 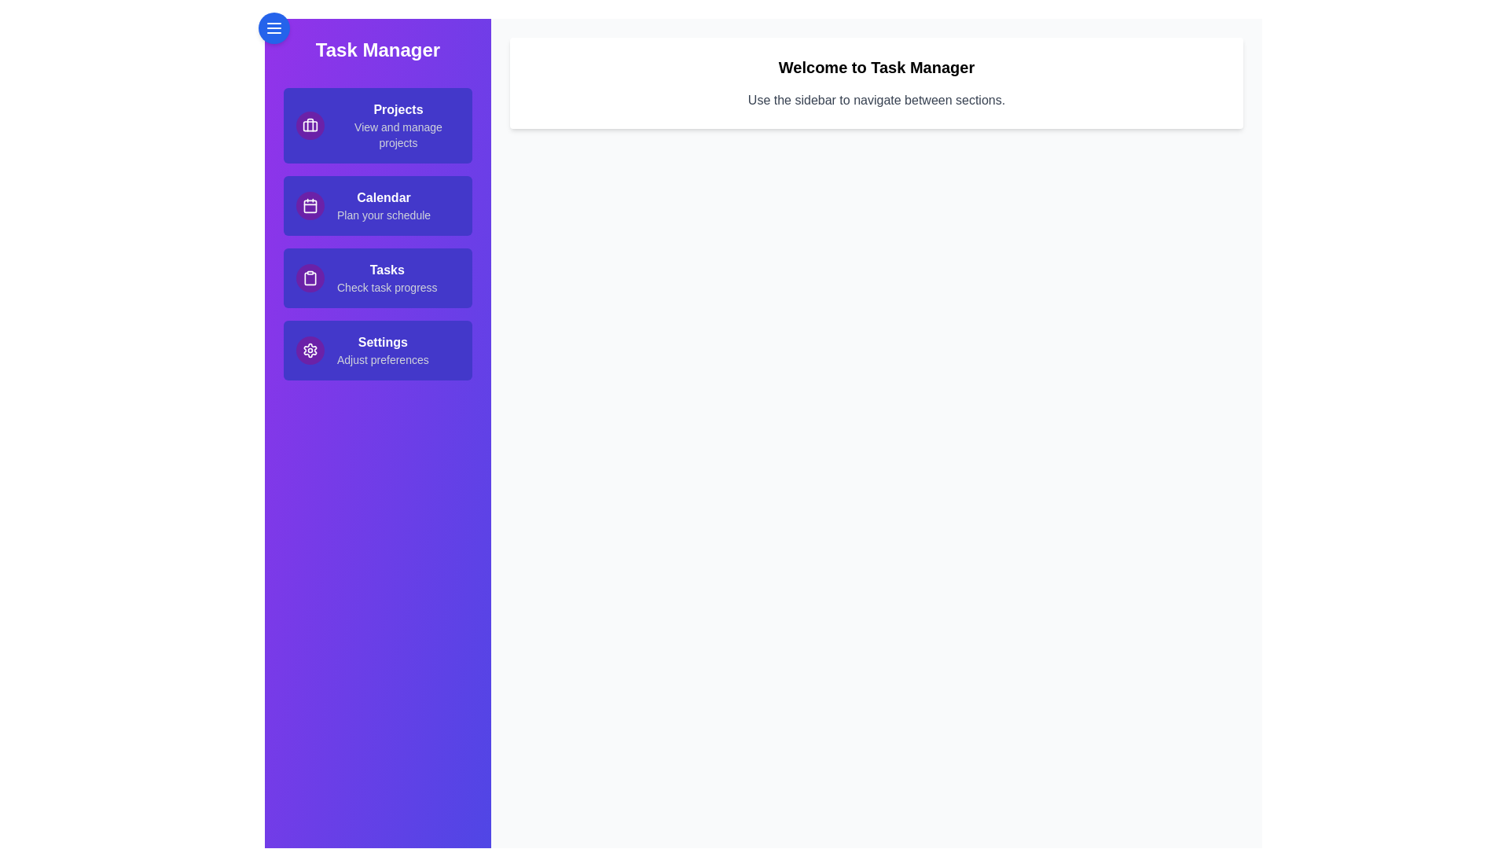 What do you see at coordinates (876, 66) in the screenshot?
I see `the welcome message and instructions area to read the content` at bounding box center [876, 66].